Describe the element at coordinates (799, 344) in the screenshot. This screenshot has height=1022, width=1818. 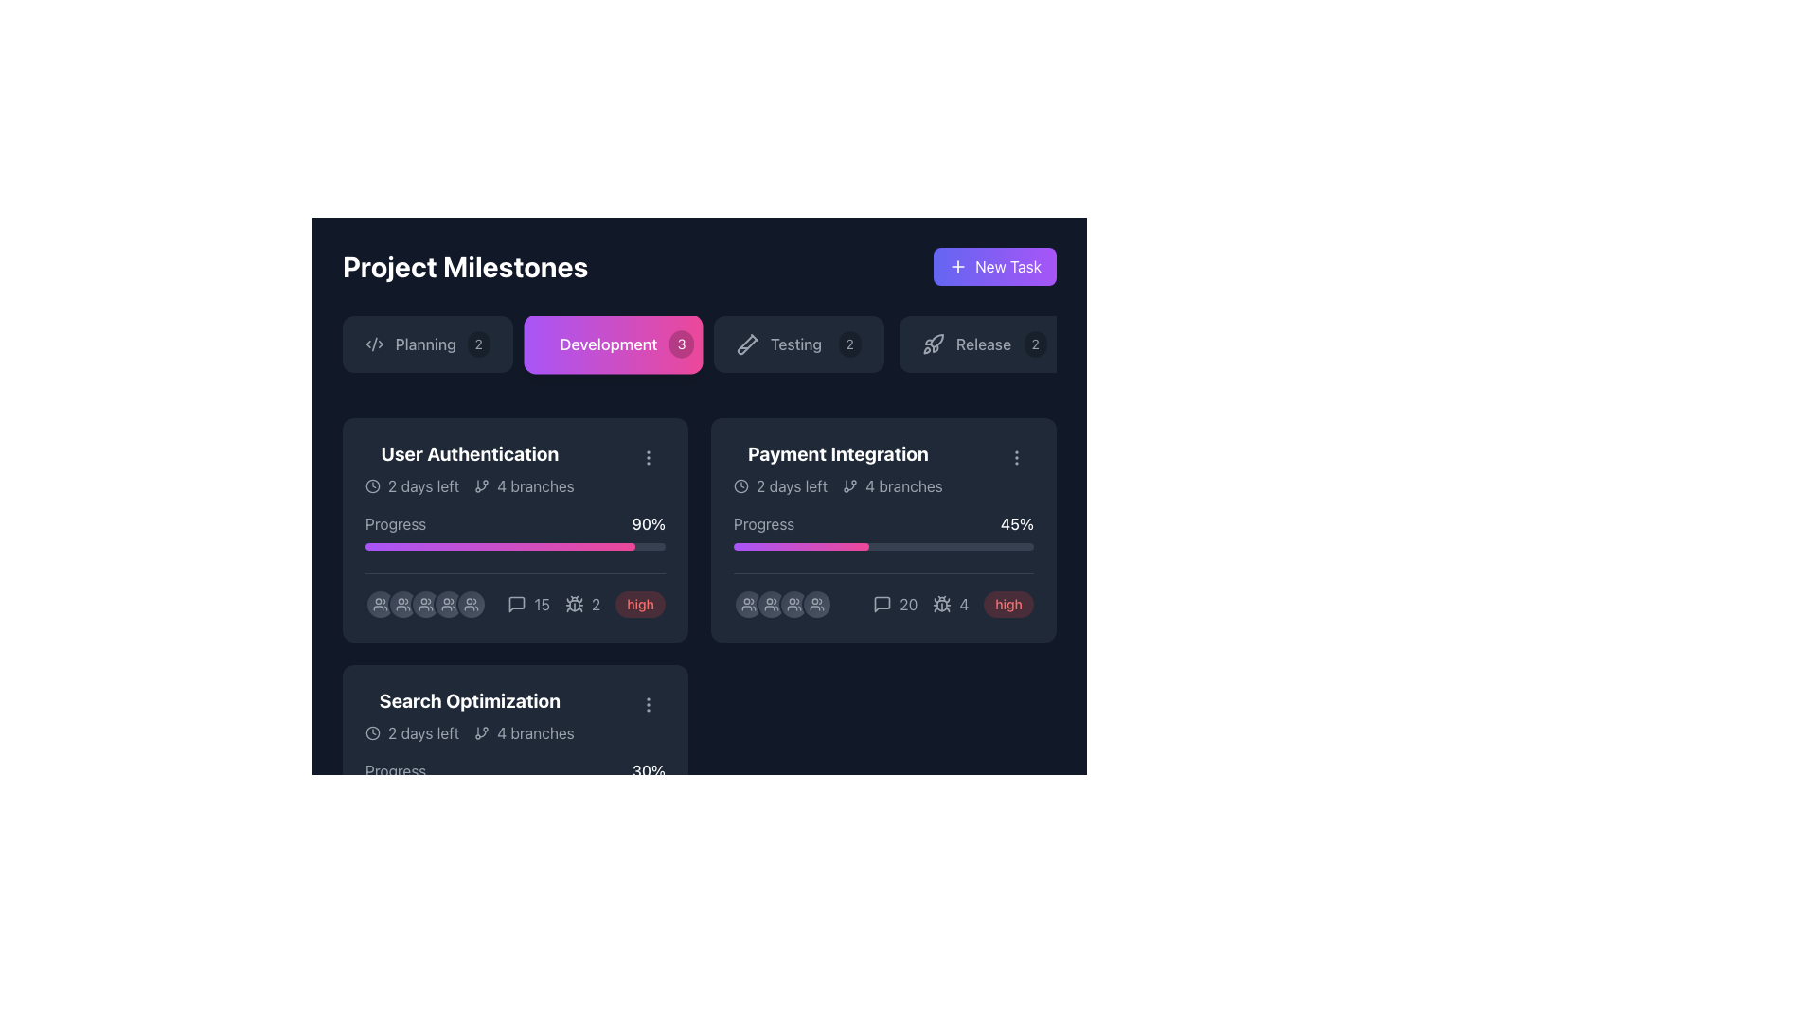
I see `the third button in a horizontal row that likely filters or categorizes content related to 'Testing', positioned between the 'Development' and 'Release' buttons` at that location.